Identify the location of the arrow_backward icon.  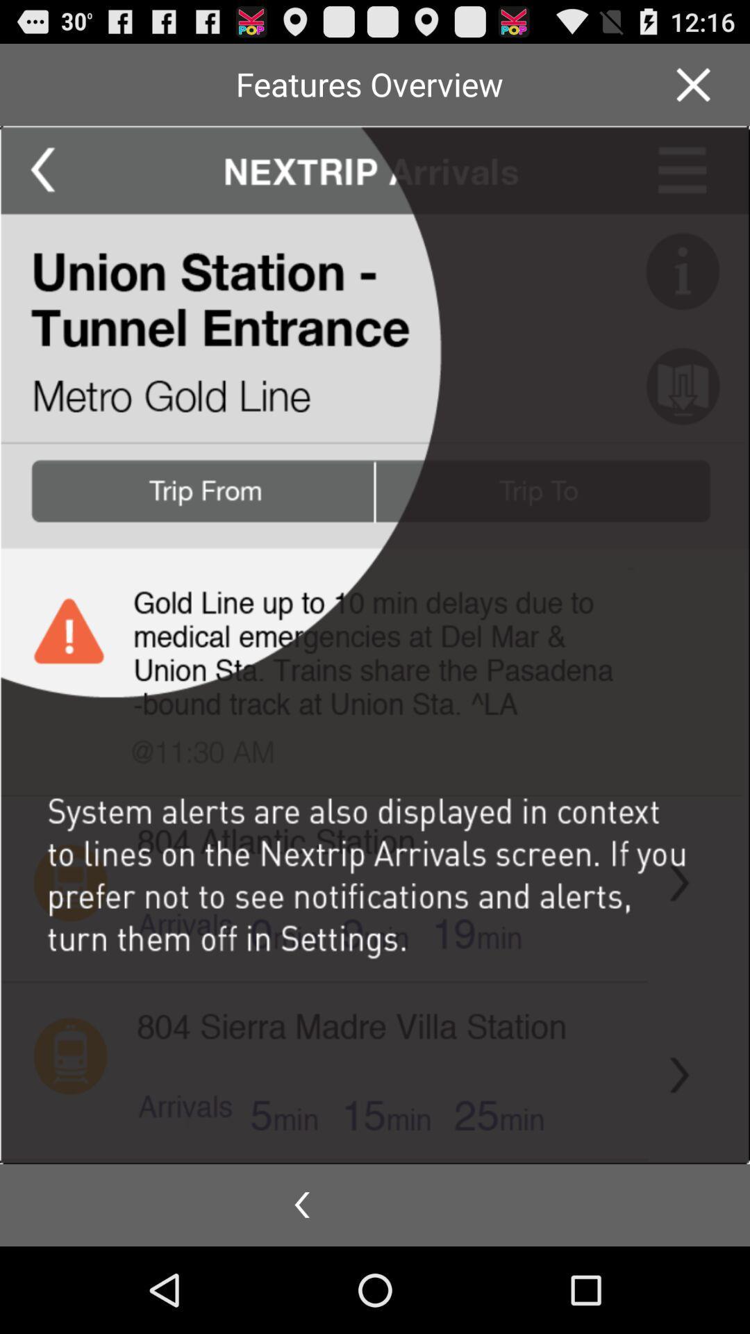
(301, 1289).